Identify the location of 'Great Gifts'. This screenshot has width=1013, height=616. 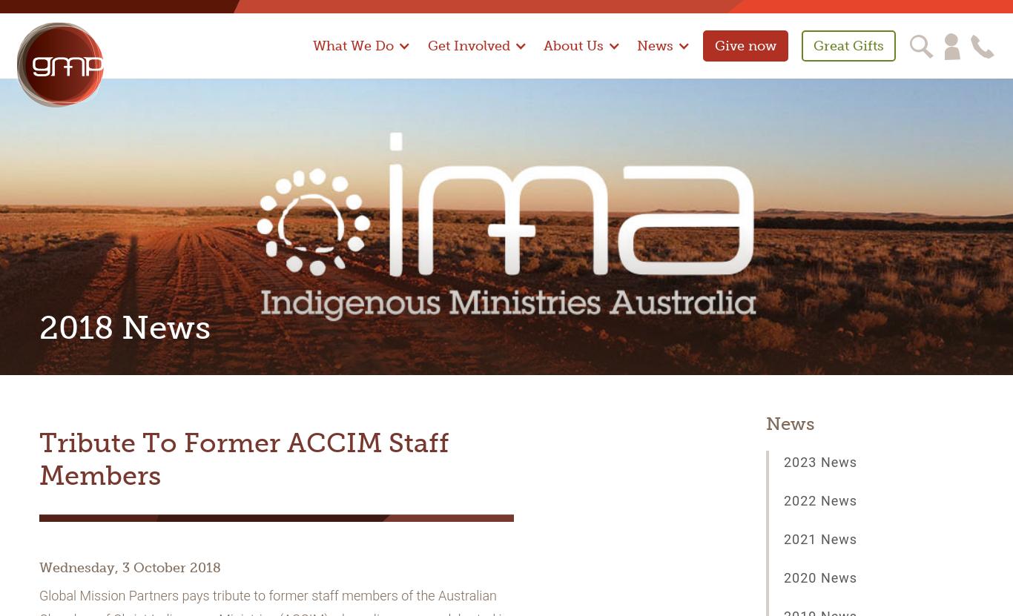
(848, 44).